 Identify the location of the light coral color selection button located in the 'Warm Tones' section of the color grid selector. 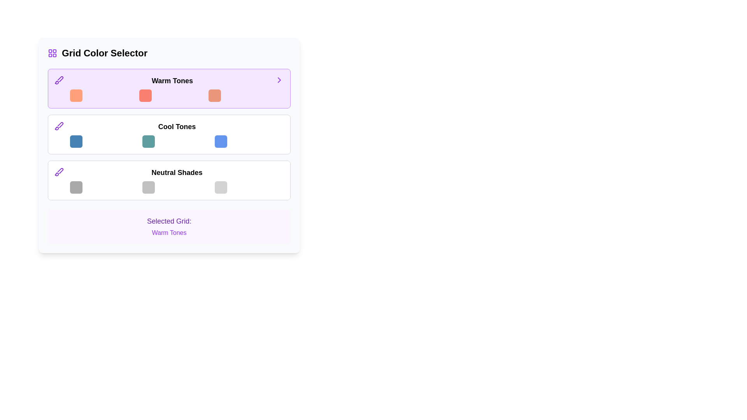
(76, 95).